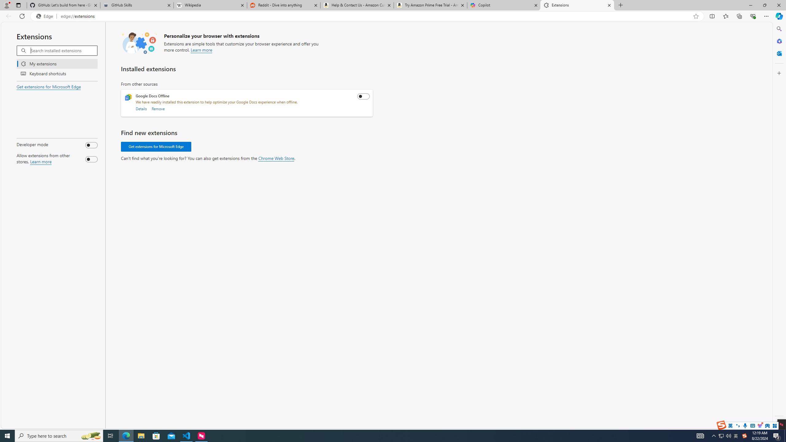  What do you see at coordinates (41, 161) in the screenshot?
I see `'Learn more about allowing extensions from other stores.'` at bounding box center [41, 161].